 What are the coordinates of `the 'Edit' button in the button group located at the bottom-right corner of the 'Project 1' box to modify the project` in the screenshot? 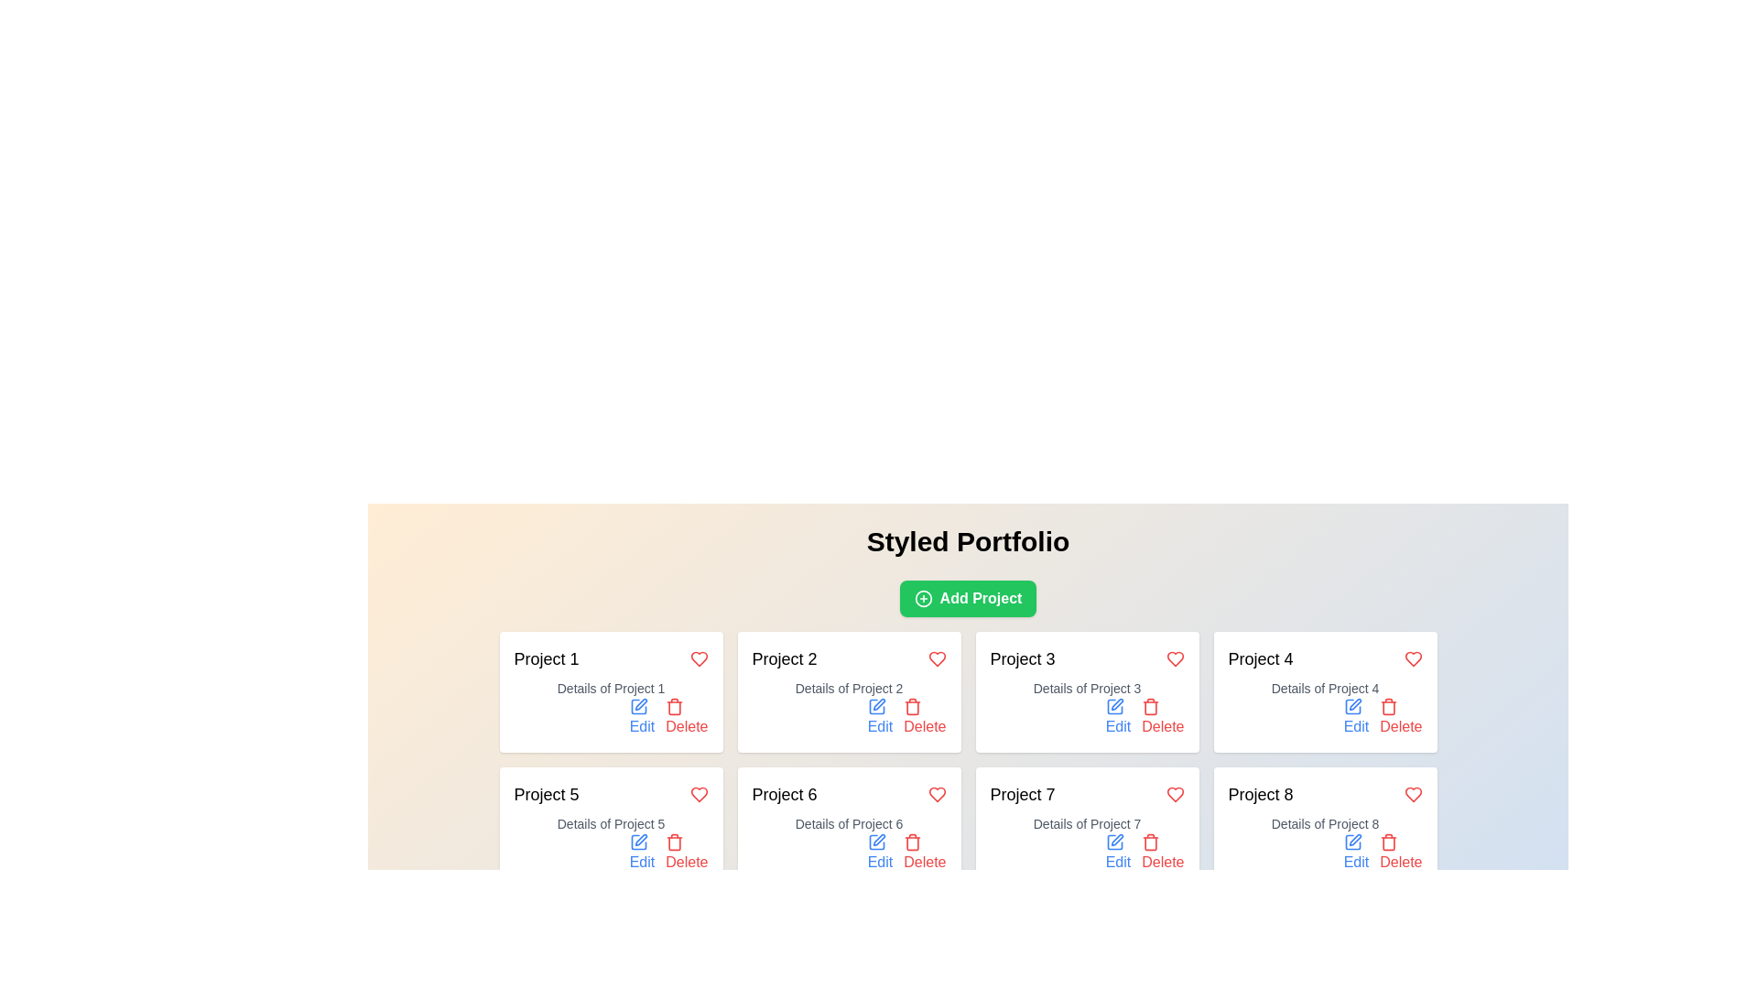 It's located at (611, 716).